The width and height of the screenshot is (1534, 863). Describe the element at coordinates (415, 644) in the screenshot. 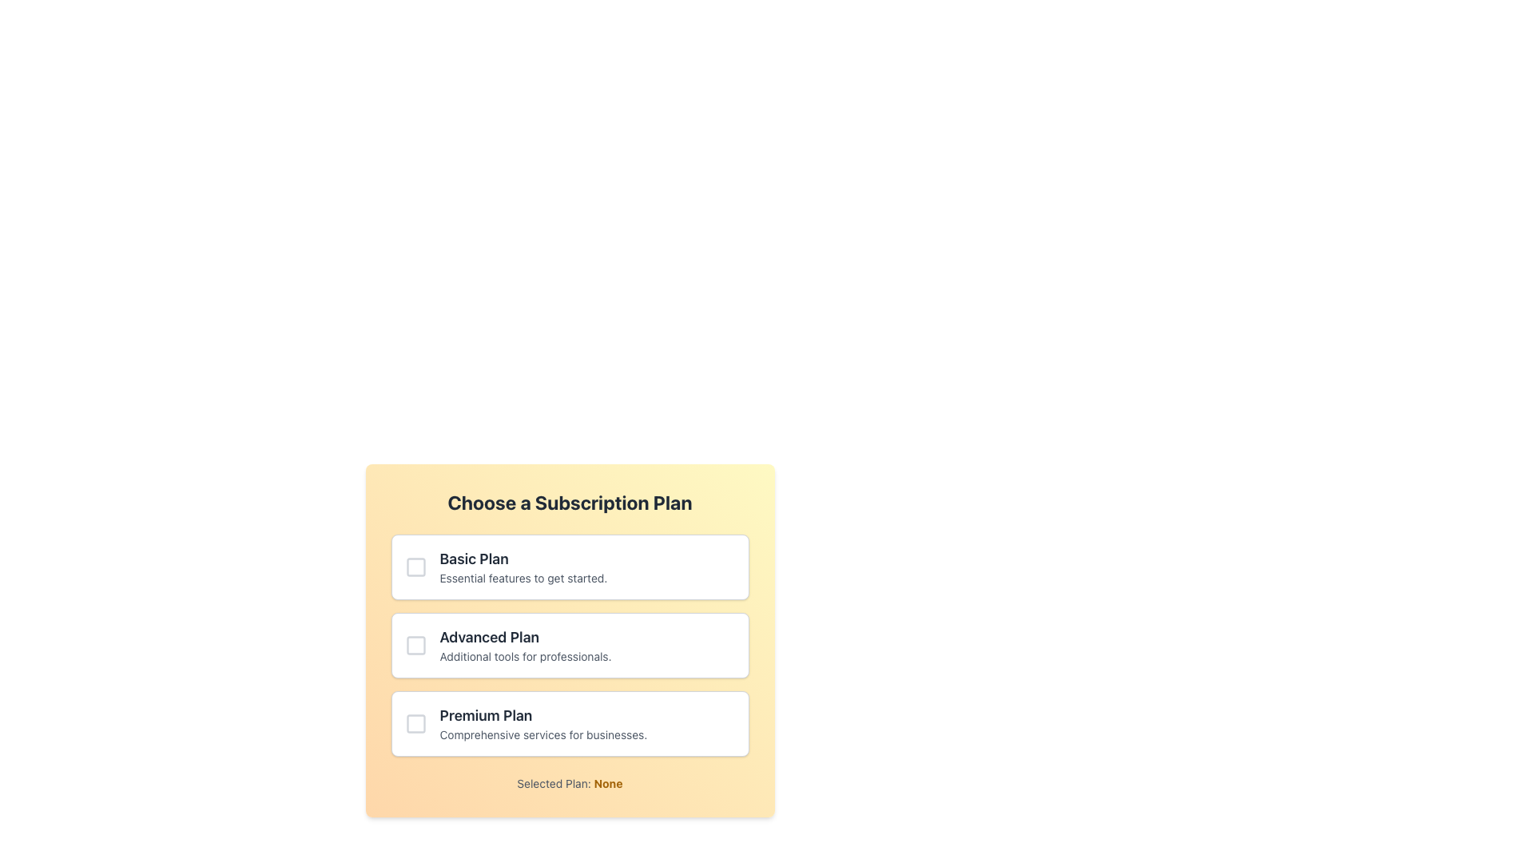

I see `the checkbox for the 'Advanced Plan' subscription option located to the left of its text description` at that location.